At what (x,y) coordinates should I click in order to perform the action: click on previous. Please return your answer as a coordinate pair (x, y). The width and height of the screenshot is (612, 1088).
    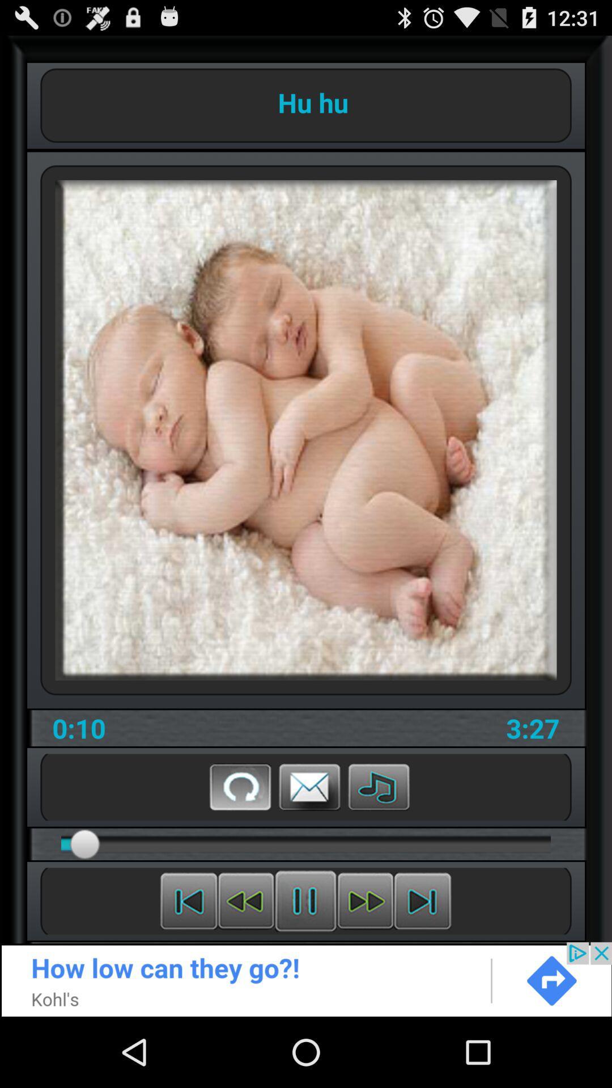
    Looking at the image, I should click on (188, 900).